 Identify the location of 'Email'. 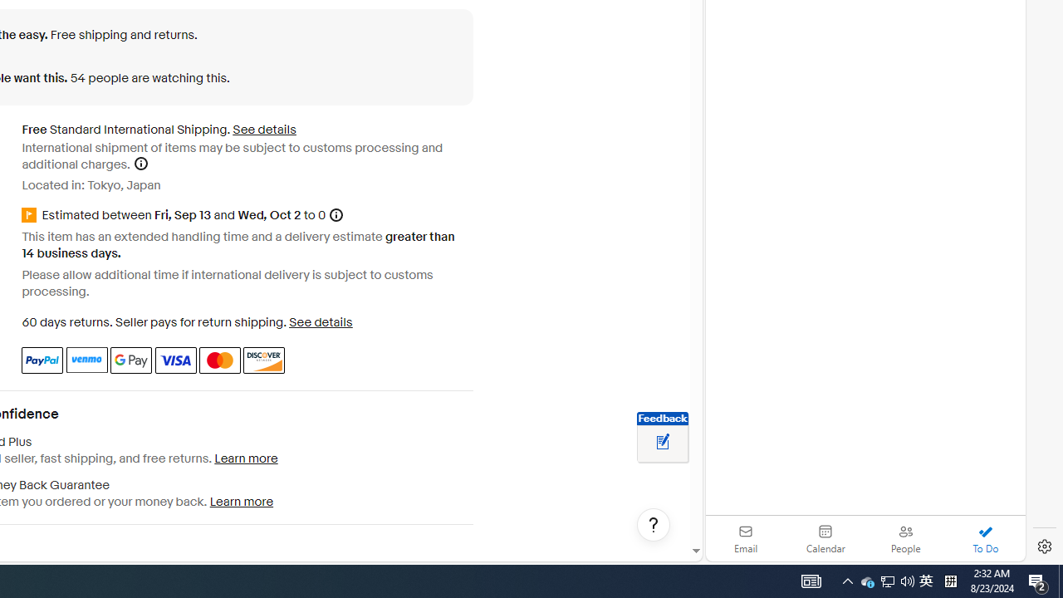
(745, 538).